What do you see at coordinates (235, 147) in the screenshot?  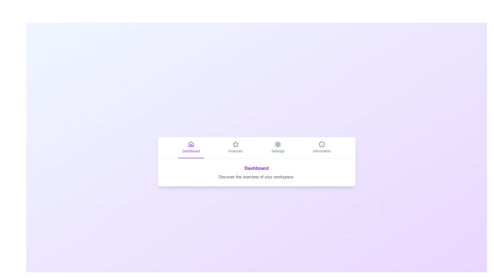 I see `the Features tab to view its content` at bounding box center [235, 147].